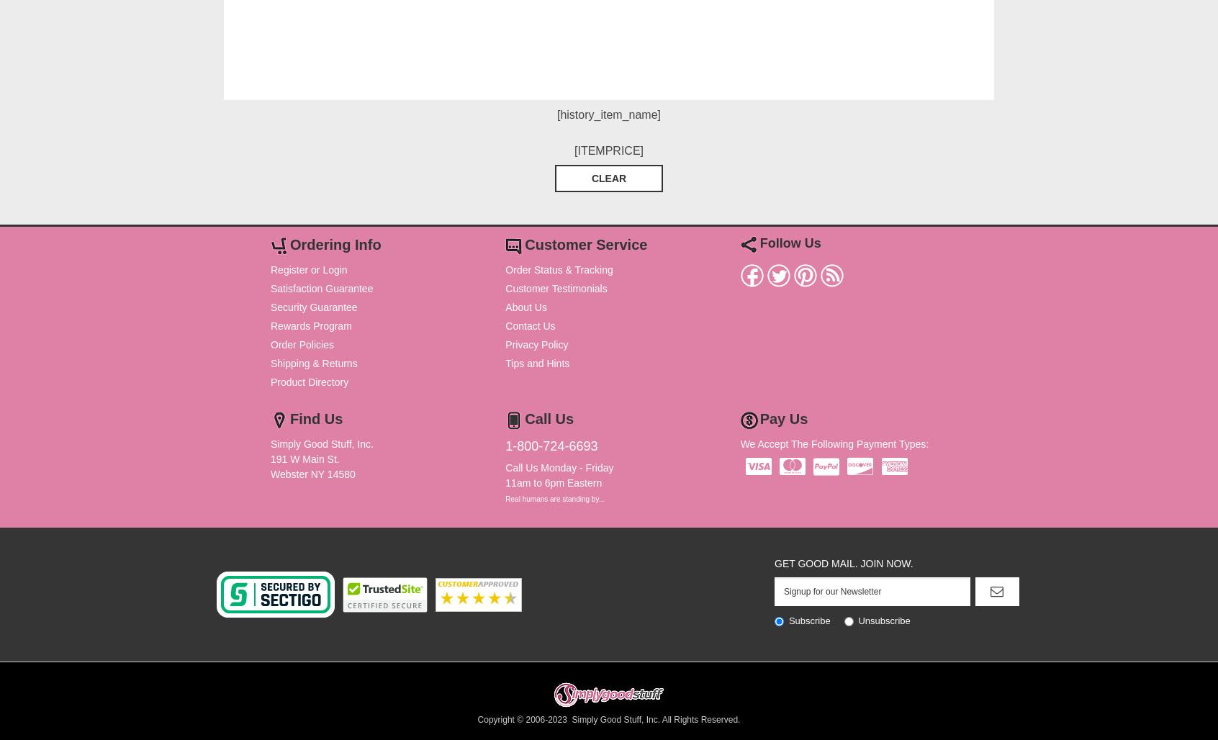  What do you see at coordinates (312, 474) in the screenshot?
I see `'Webster NY 14580'` at bounding box center [312, 474].